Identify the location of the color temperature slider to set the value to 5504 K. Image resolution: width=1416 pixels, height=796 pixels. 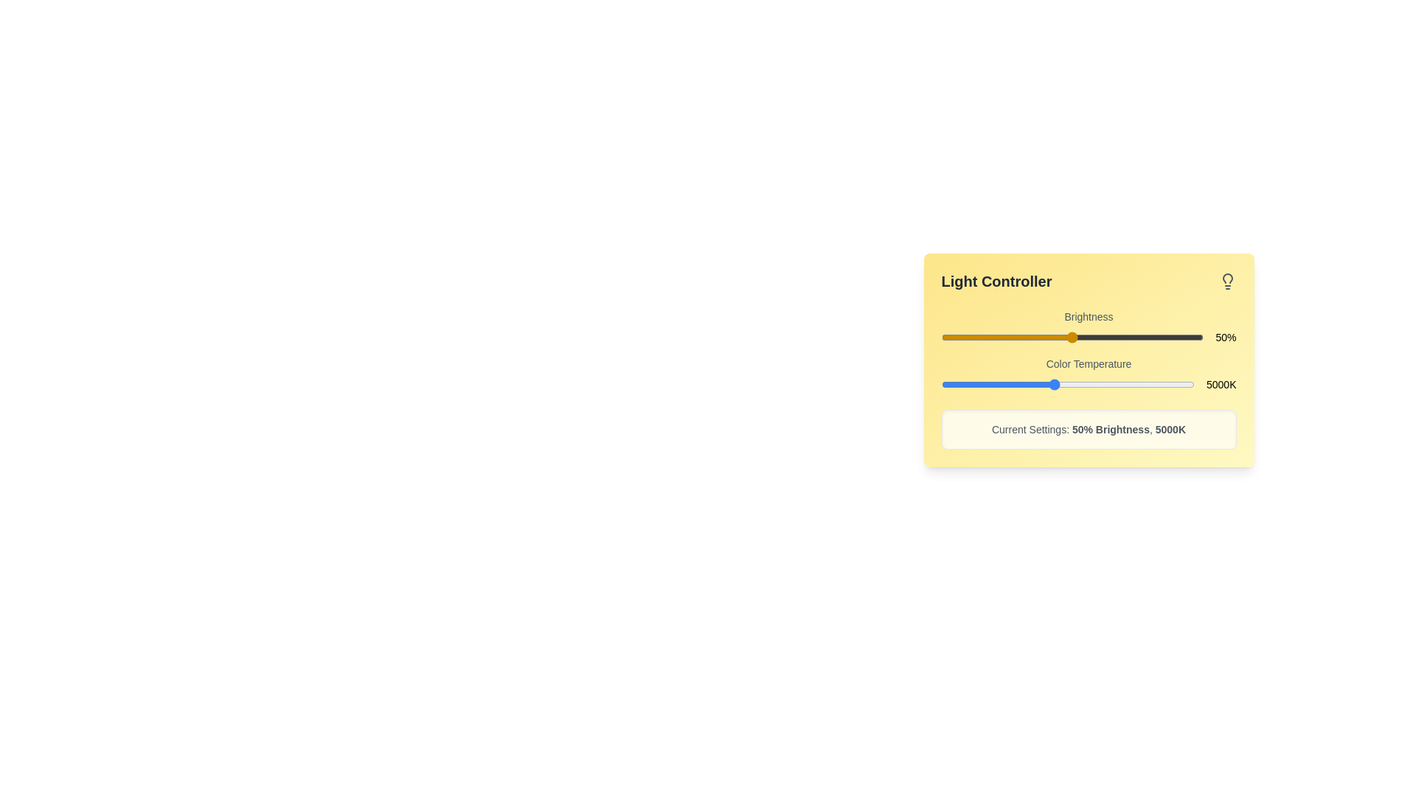
(1068, 383).